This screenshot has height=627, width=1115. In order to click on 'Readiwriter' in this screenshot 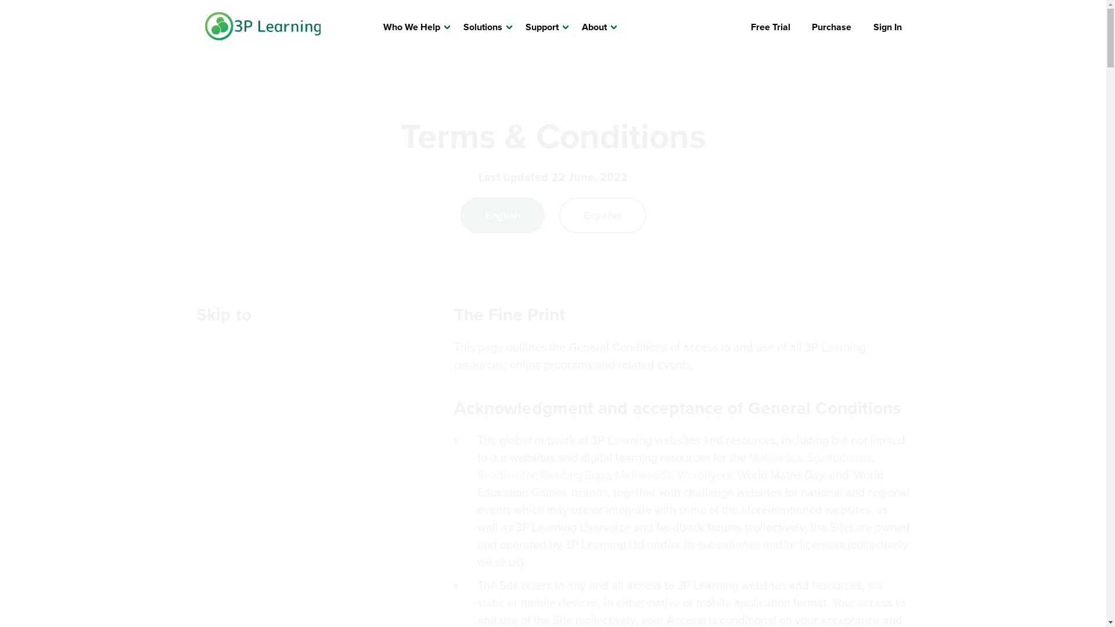, I will do `click(506, 474)`.